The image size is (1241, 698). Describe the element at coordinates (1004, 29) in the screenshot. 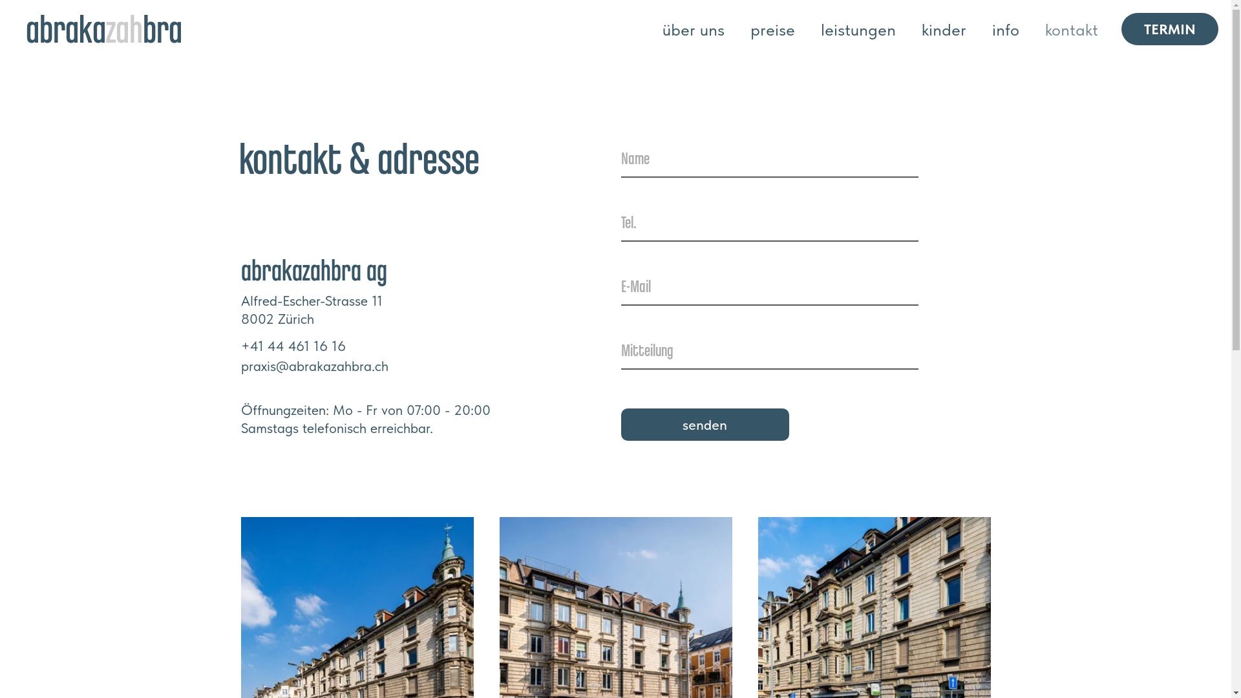

I see `'info'` at that location.